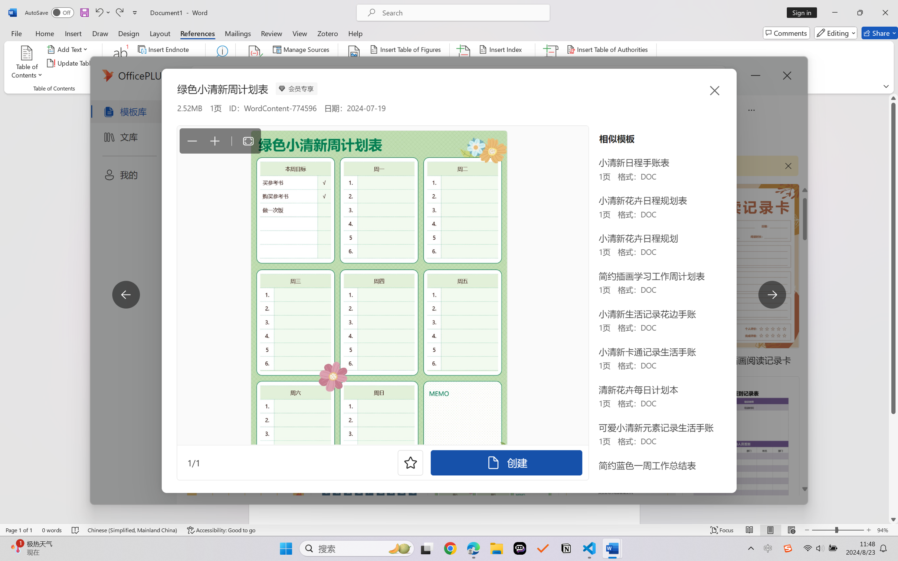 The image size is (898, 561). I want to click on 'Manage Sources...', so click(302, 49).